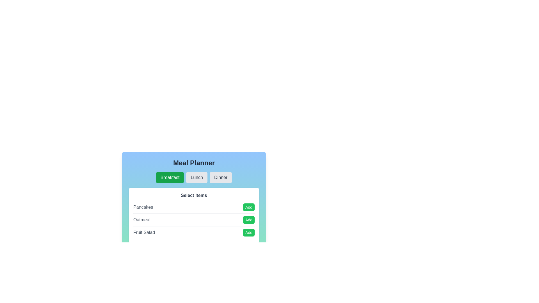 This screenshot has height=303, width=539. What do you see at coordinates (248, 219) in the screenshot?
I see `the button located on the right side of the second item in a vertical list` at bounding box center [248, 219].